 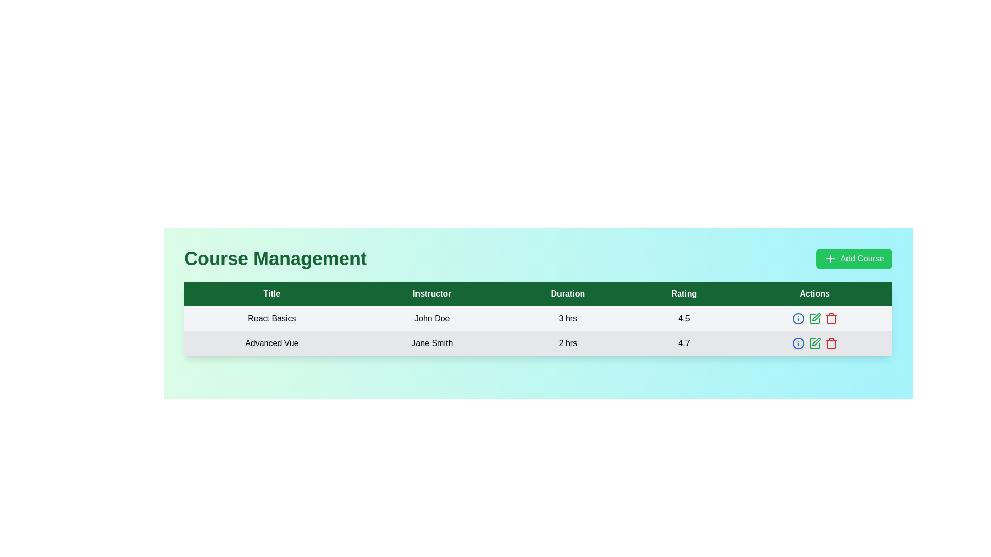 I want to click on the Text header indicating the overall purpose of managing courses, which is positioned to the left of the 'Add Course' button, so click(x=275, y=258).